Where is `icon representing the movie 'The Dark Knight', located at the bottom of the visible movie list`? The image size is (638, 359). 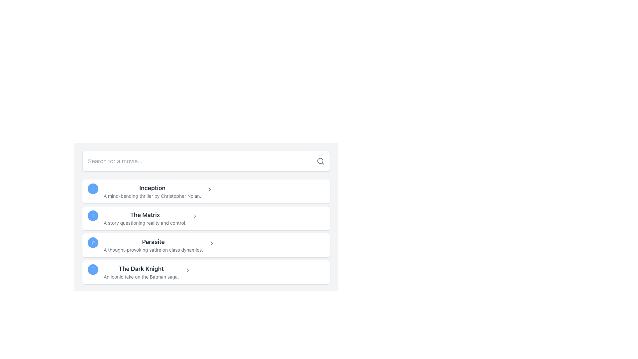
icon representing the movie 'The Dark Knight', located at the bottom of the visible movie list is located at coordinates (92, 269).